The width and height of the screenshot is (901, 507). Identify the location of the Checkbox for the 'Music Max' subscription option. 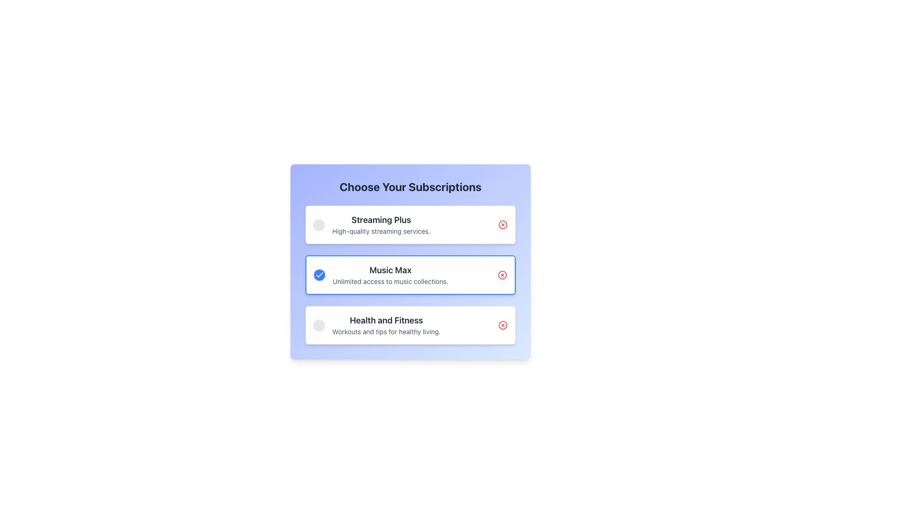
(320, 275).